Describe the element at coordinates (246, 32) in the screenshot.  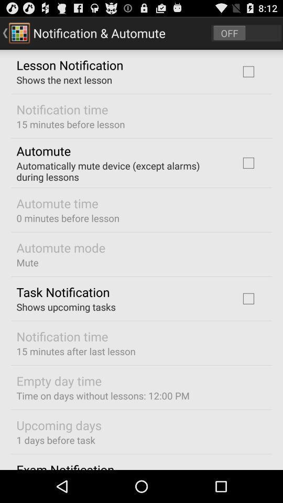
I see `app next to the notification & automute app` at that location.